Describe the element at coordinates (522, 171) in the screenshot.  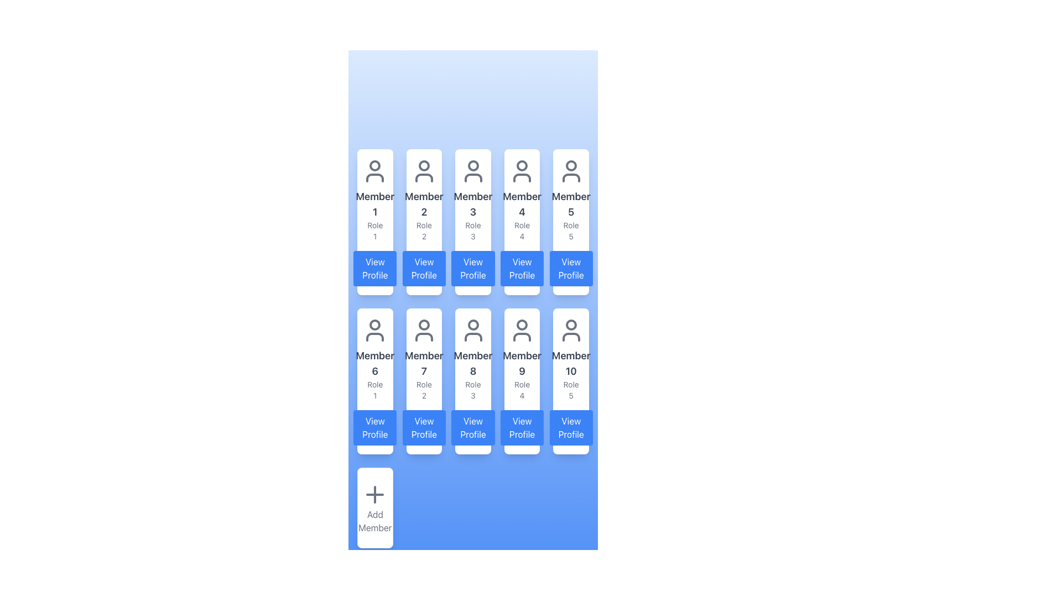
I see `the decorative graphic/icon representing 'Member 4' in the fourth card of the first row` at that location.